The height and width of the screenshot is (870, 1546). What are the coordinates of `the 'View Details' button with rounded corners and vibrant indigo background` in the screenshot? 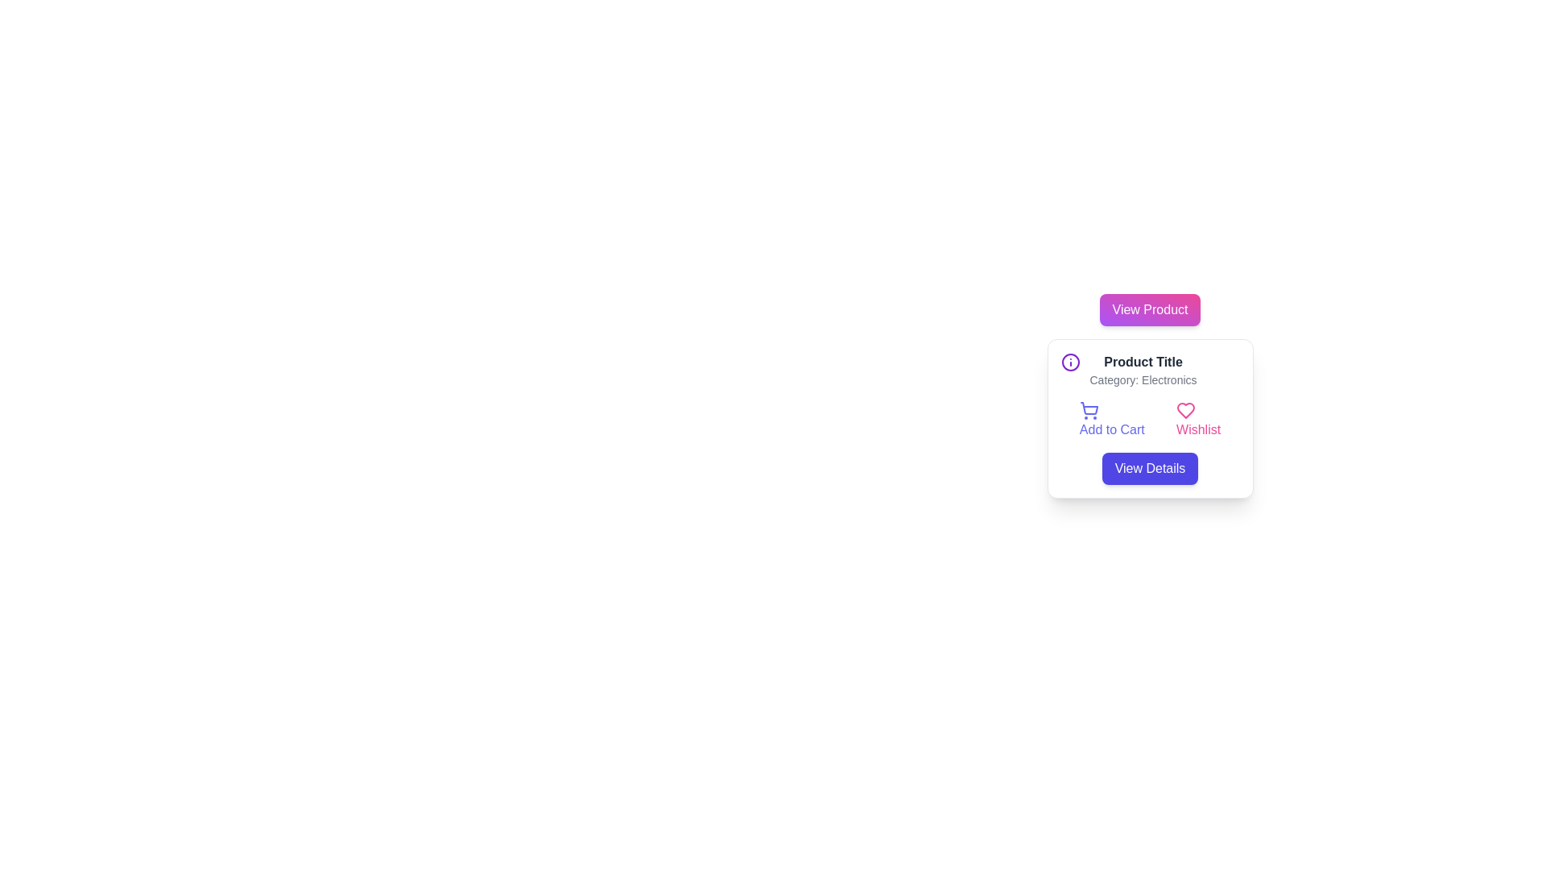 It's located at (1149, 469).